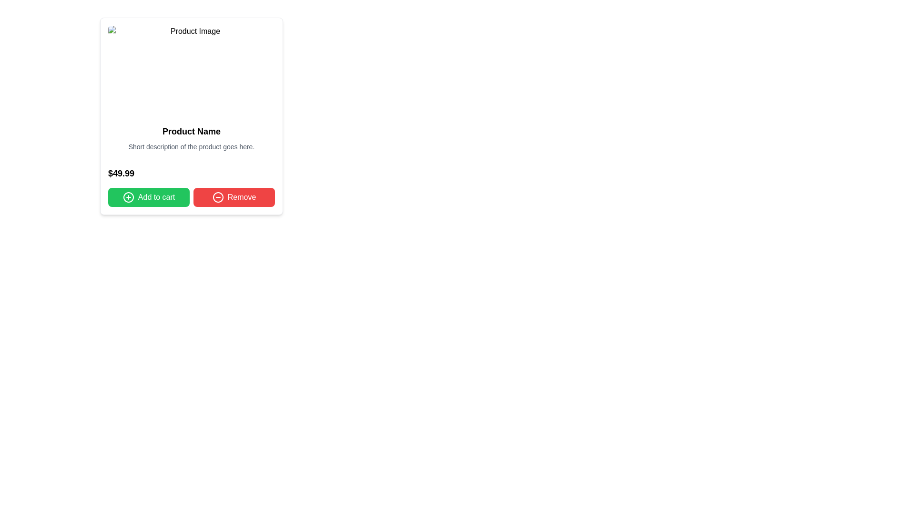  Describe the element at coordinates (121, 173) in the screenshot. I see `the price text label displaying '$49.99' for accessibility purposes, located within the product card layout beneath the product name and description` at that location.